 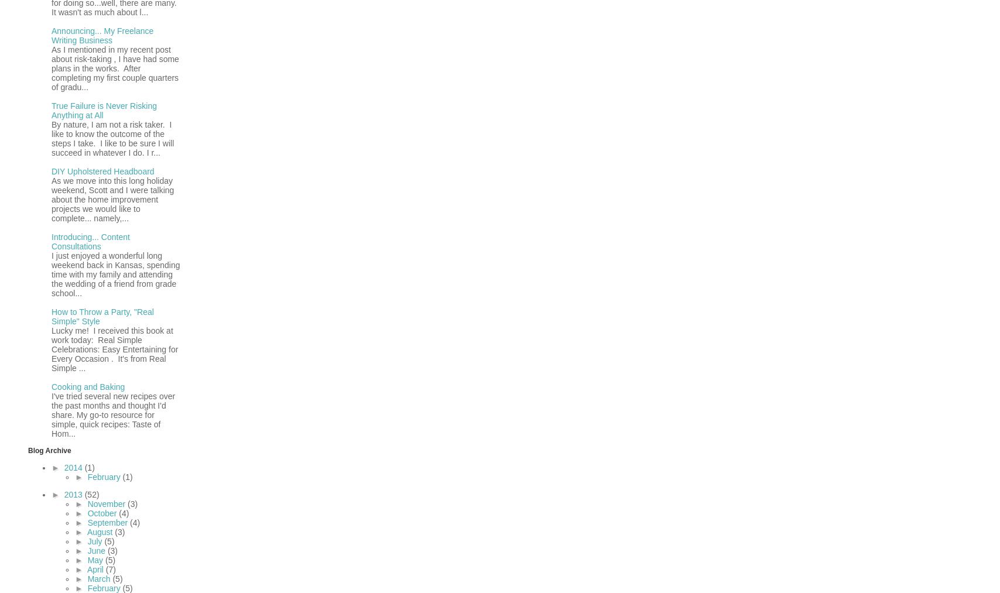 I want to click on 'June', so click(x=97, y=550).